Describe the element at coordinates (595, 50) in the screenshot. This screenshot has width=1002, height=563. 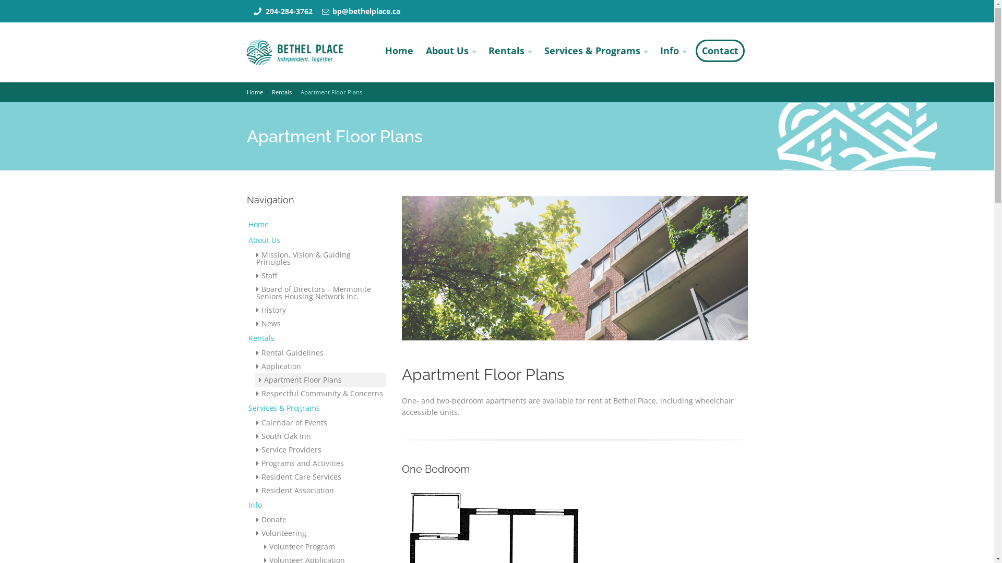
I see `'Services & Programs'` at that location.